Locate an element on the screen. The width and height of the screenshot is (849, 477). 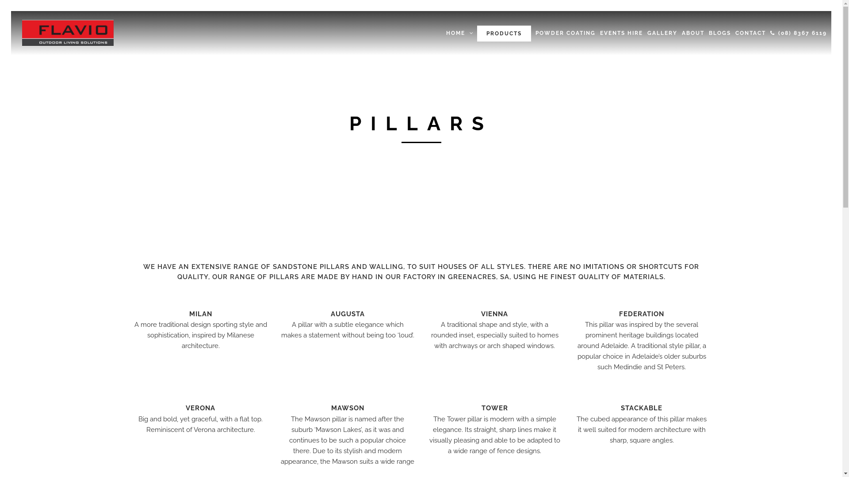
'(08) 8367 6119' is located at coordinates (798, 32).